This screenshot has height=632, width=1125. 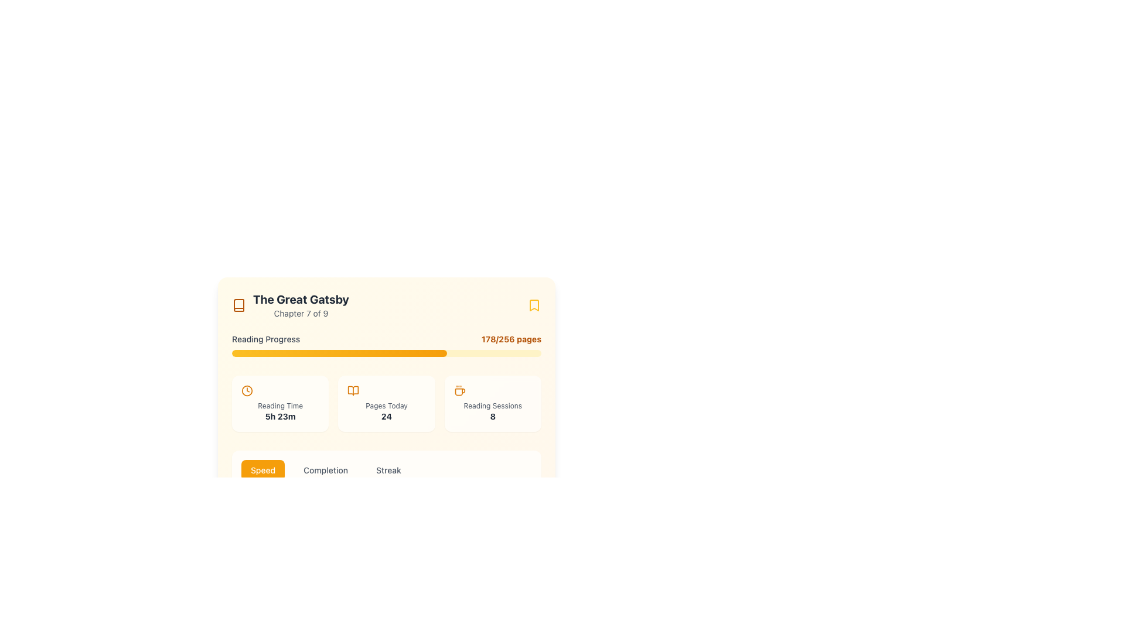 I want to click on details from the text label displaying '178/256 pages', which indicates reading progress, located on the right side of the section with 'Reading Progress' on its left, so click(x=512, y=339).